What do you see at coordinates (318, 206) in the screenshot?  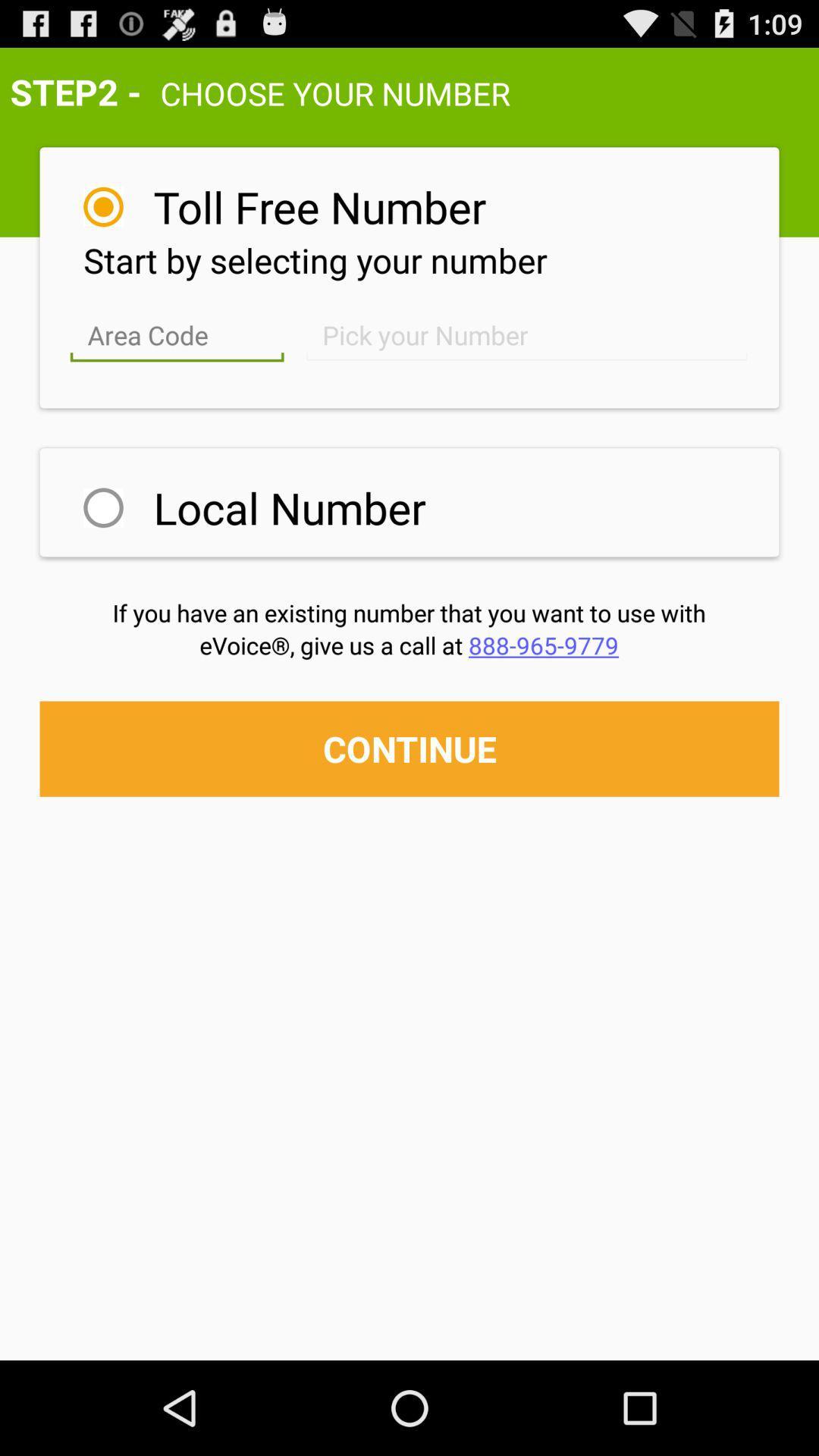 I see `the icon below step2 -  app` at bounding box center [318, 206].